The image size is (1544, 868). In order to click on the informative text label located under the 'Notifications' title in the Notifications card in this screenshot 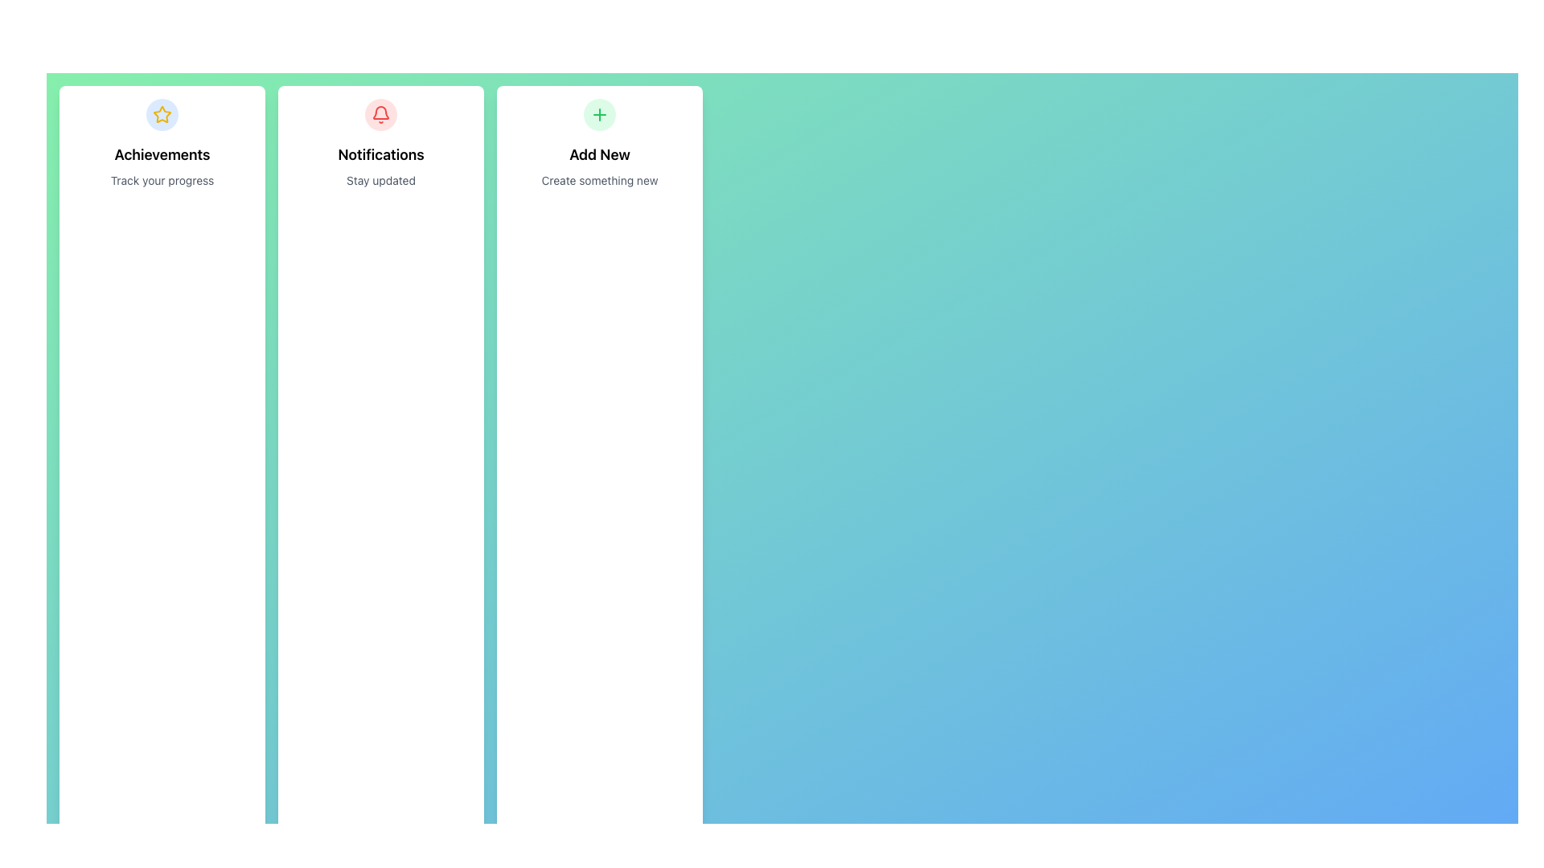, I will do `click(380, 180)`.